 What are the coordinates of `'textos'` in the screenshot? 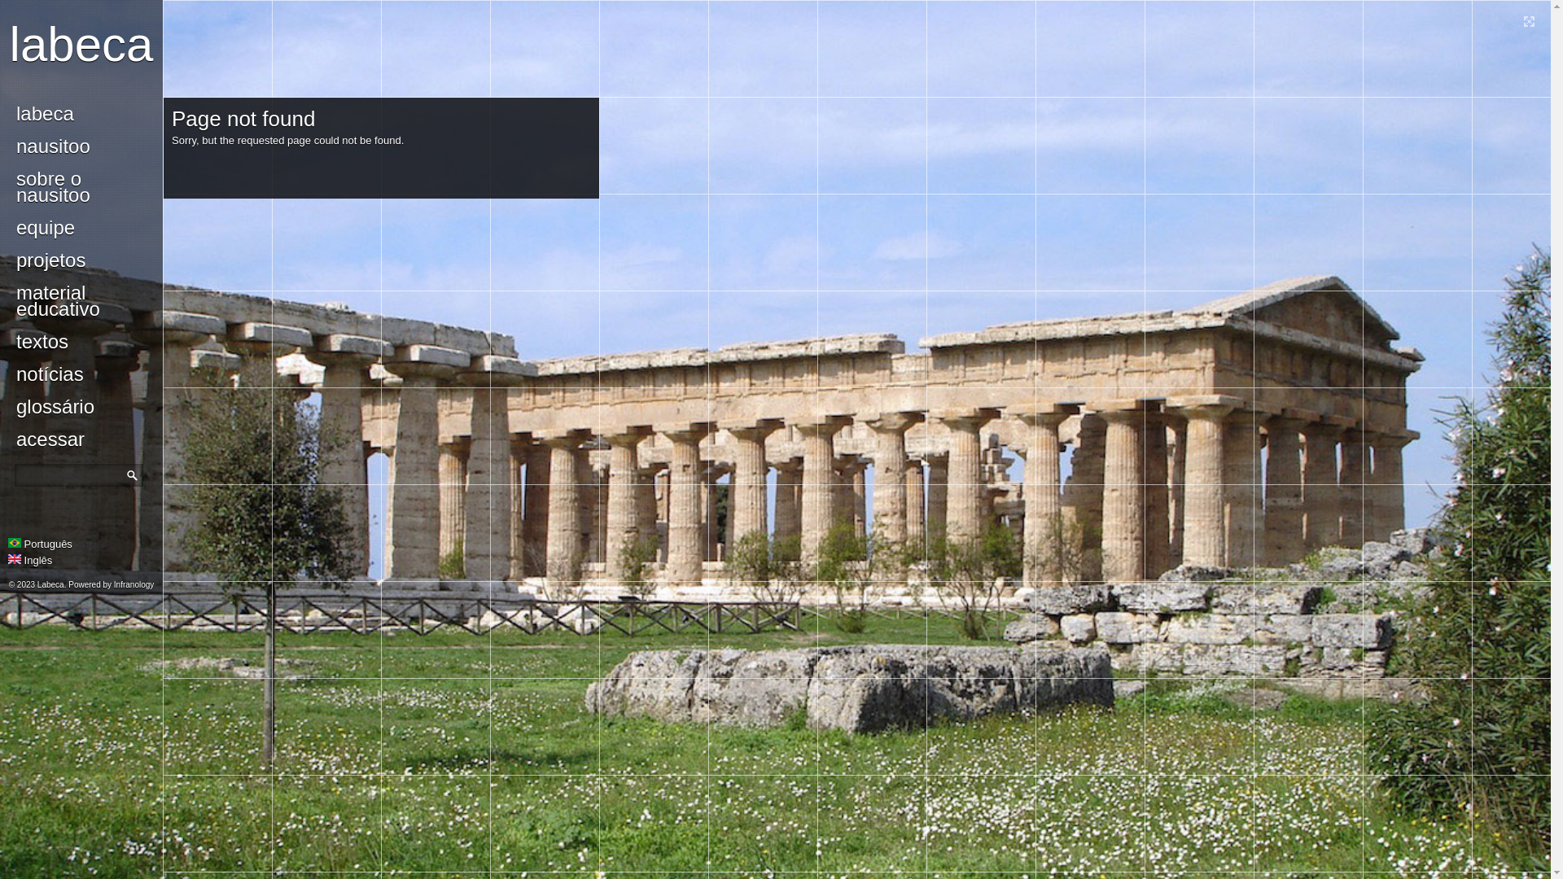 It's located at (81, 341).